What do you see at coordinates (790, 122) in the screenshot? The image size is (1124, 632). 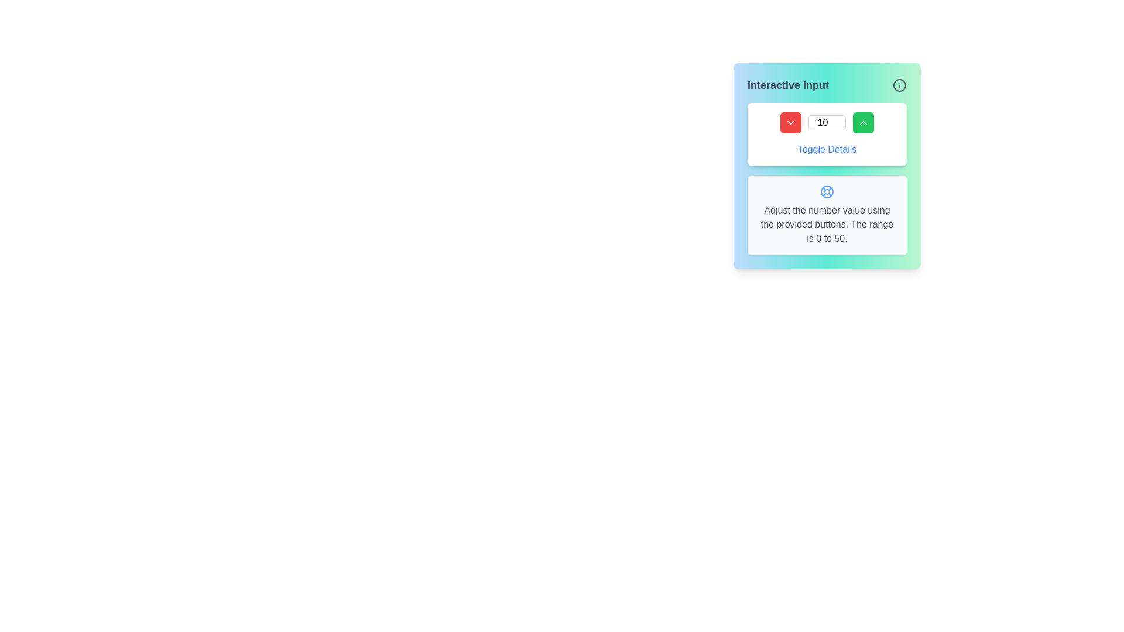 I see `the button that decreases the numerical value displayed in the adjacent input field, located to the left of the input field and a green button` at bounding box center [790, 122].